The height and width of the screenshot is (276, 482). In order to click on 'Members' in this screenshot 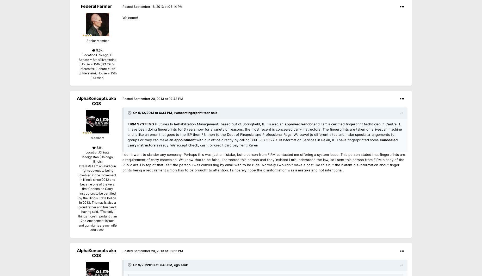, I will do `click(97, 138)`.